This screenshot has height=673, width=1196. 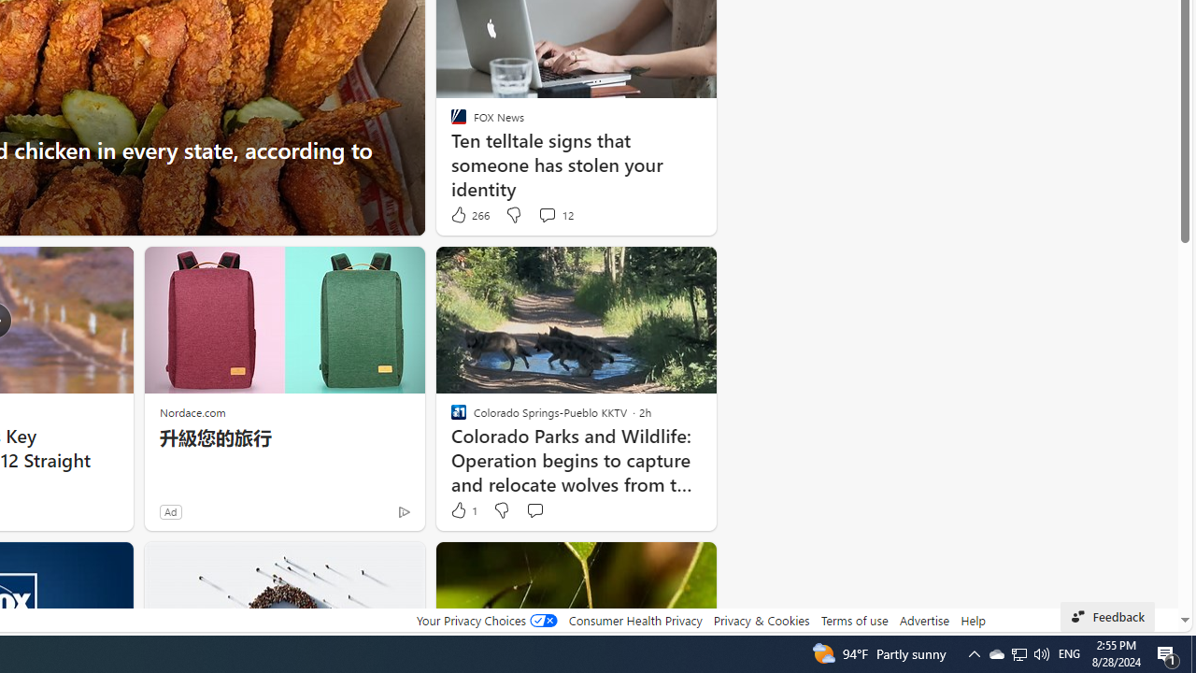 I want to click on 'View comments 12 Comment', so click(x=554, y=214).